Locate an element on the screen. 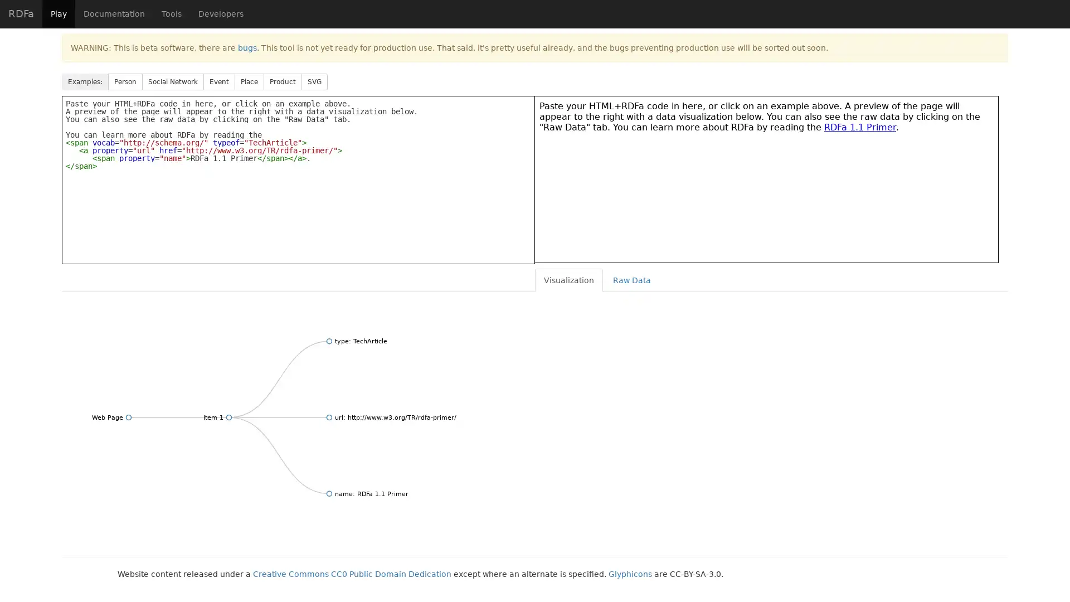 The height and width of the screenshot is (602, 1070). Person is located at coordinates (125, 81).